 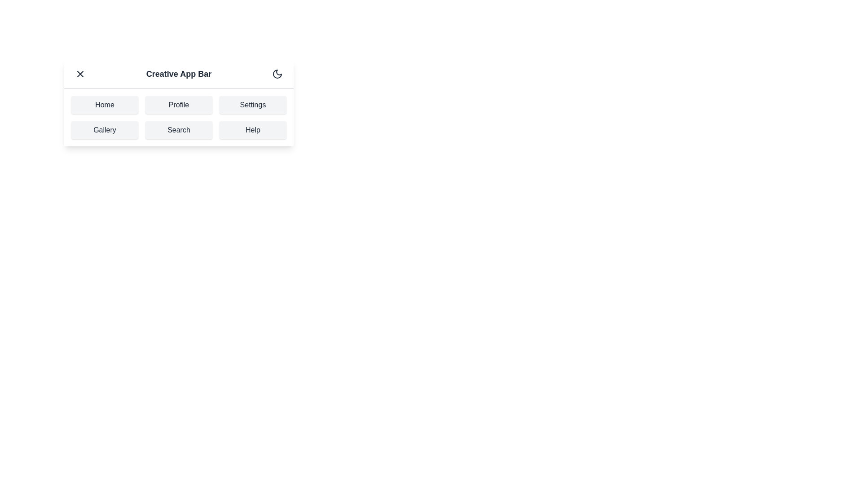 I want to click on the navigation item labeled Help, so click(x=252, y=130).